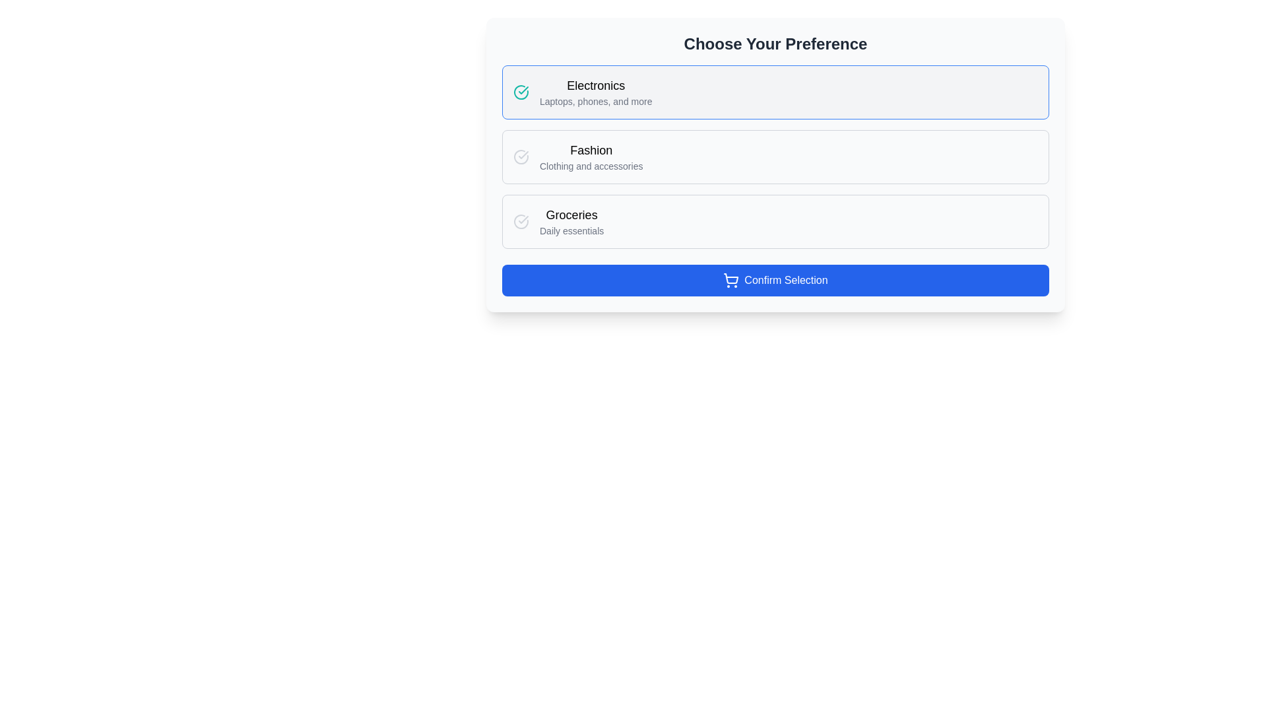 This screenshot has height=713, width=1267. I want to click on the Selection indicator icon located to the left of the 'Electronics' preference option in the 'Choose Your Preference' list, so click(521, 91).